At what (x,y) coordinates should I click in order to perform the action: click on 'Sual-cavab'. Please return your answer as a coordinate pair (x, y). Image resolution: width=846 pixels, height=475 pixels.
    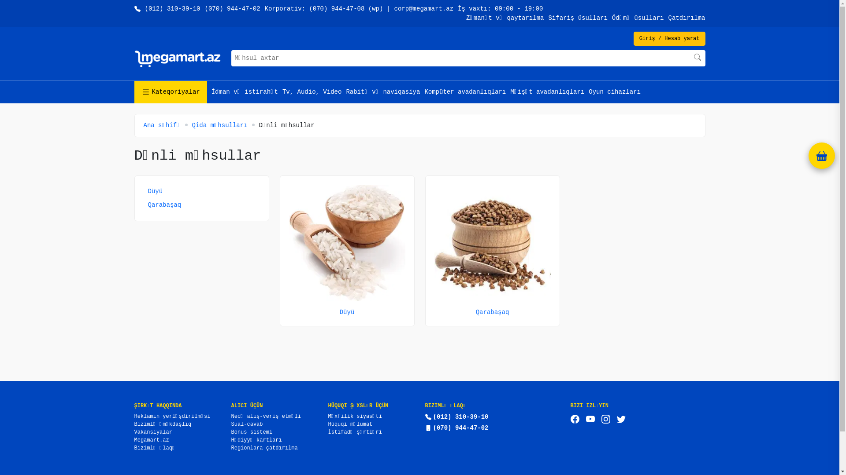
    Looking at the image, I should click on (247, 424).